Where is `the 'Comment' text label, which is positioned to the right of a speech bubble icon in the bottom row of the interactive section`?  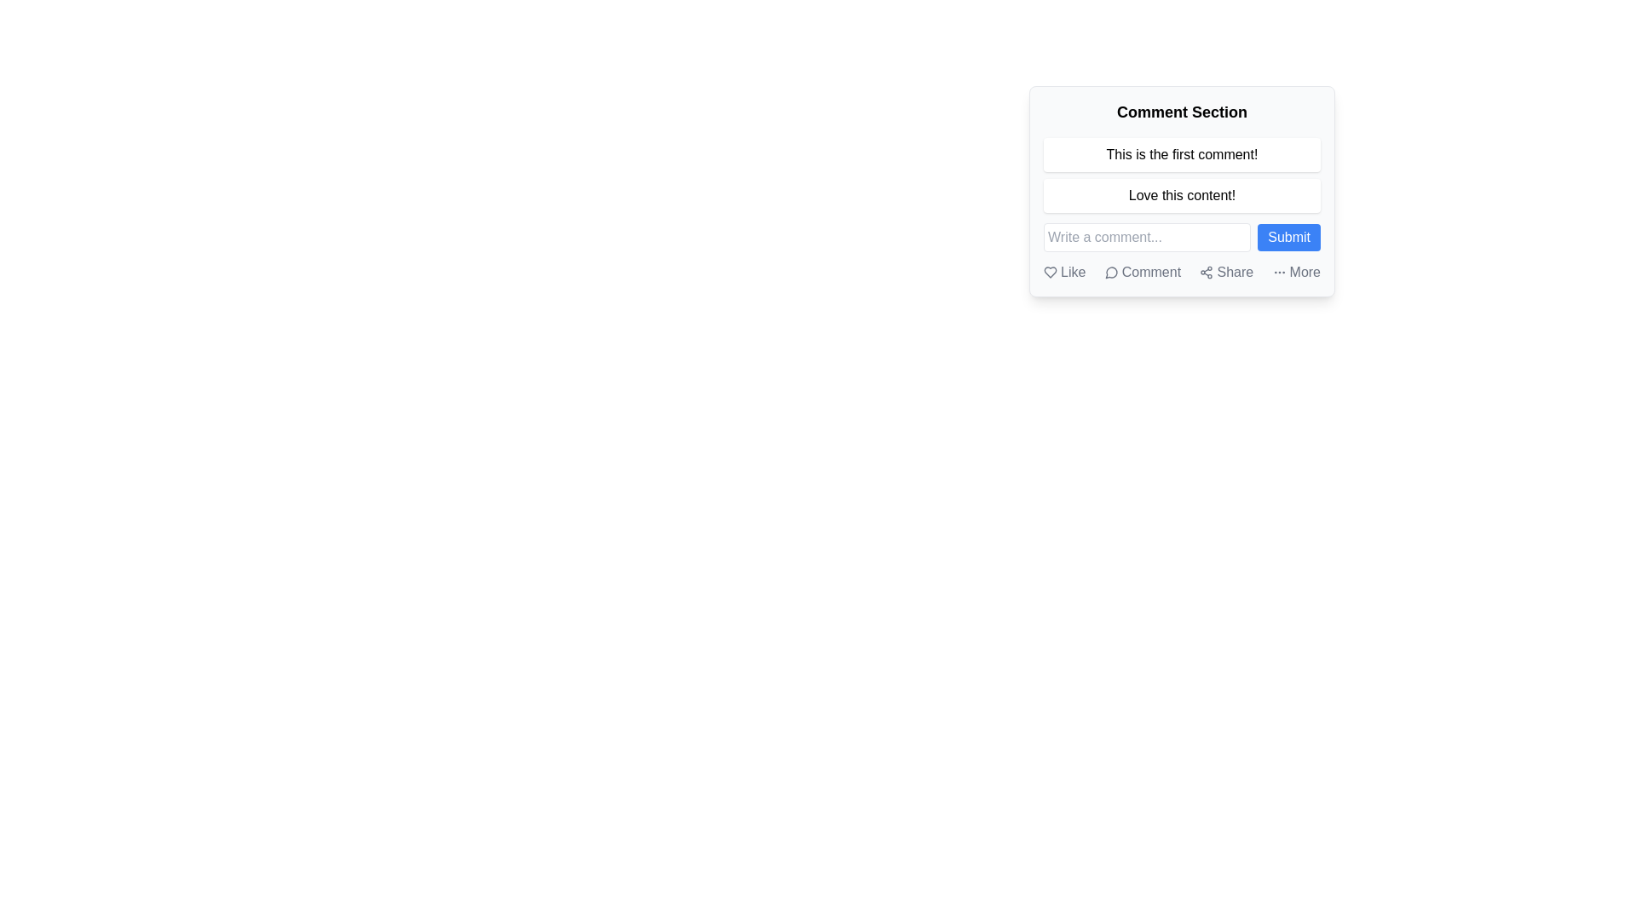 the 'Comment' text label, which is positioned to the right of a speech bubble icon in the bottom row of the interactive section is located at coordinates (1151, 272).